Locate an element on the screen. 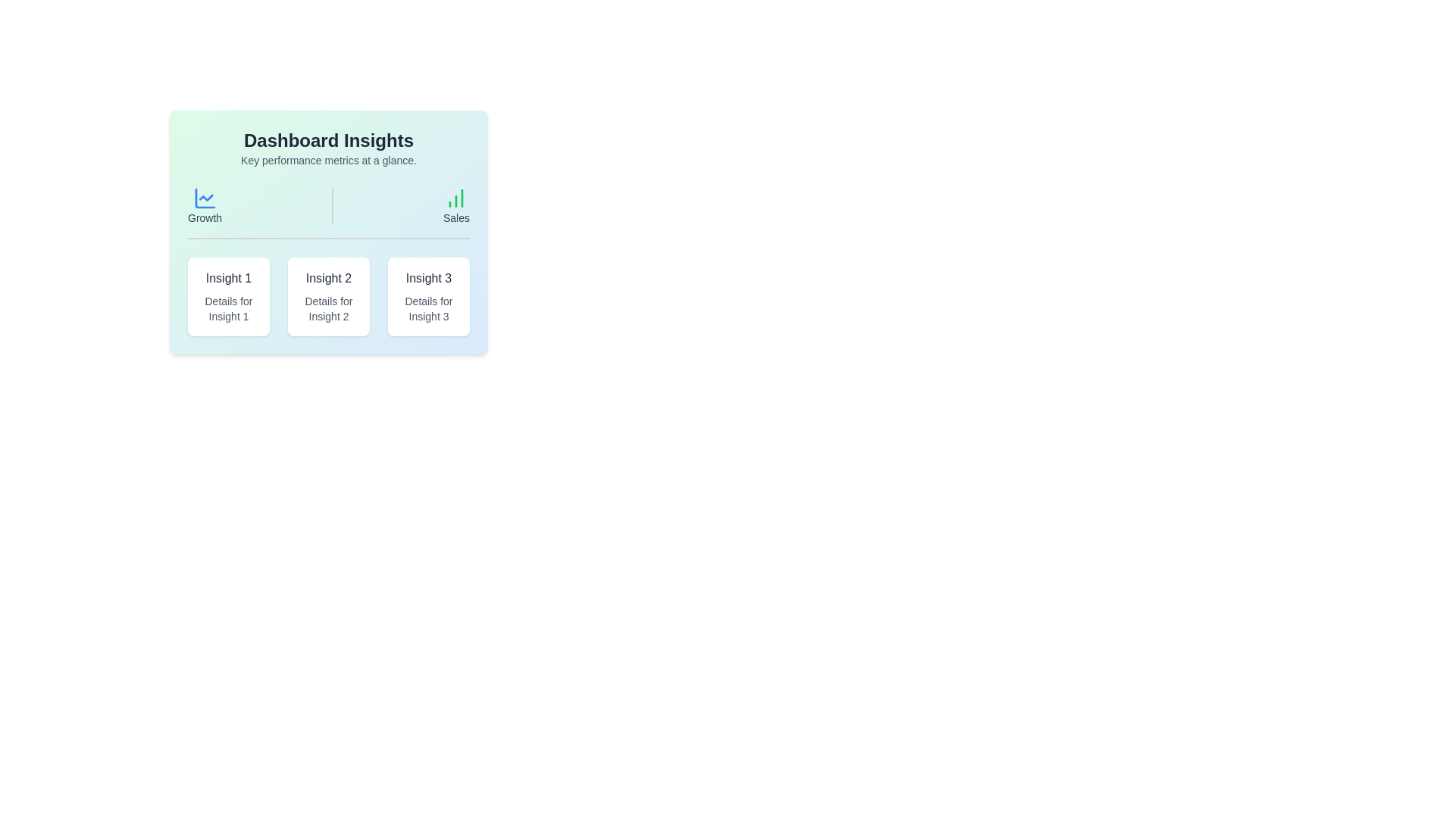 This screenshot has width=1455, height=818. the text label displaying 'Insight 1' is located at coordinates (228, 278).